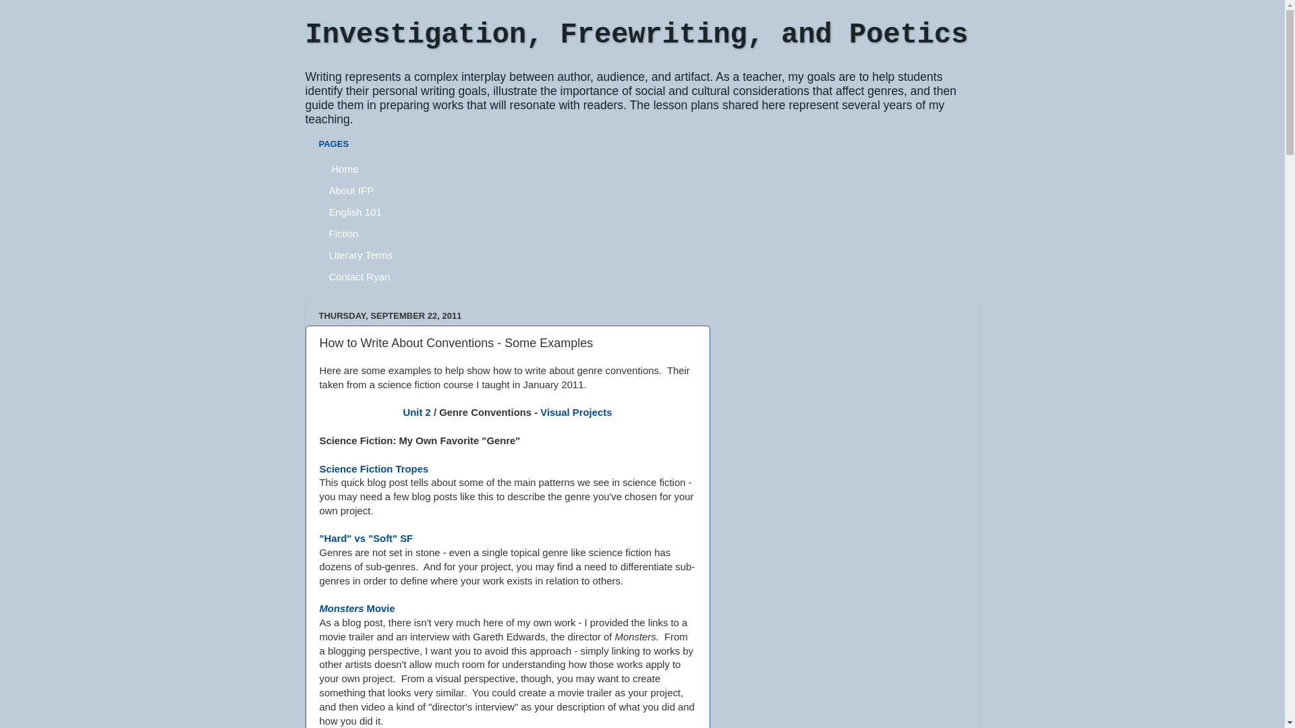 This screenshot has height=728, width=1295. Describe the element at coordinates (374, 468) in the screenshot. I see `'Science Fiction Tropes'` at that location.